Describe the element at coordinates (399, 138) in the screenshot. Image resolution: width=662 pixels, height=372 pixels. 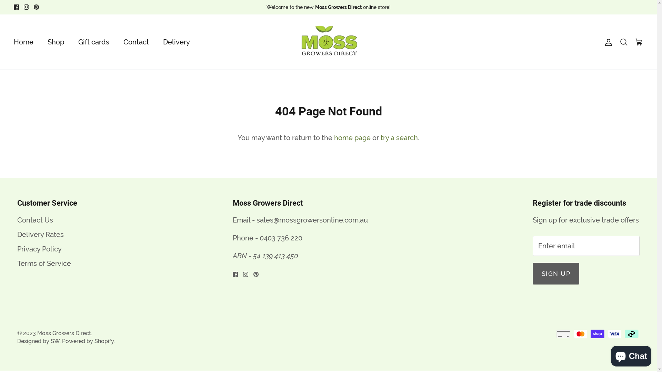
I see `'try a search'` at that location.